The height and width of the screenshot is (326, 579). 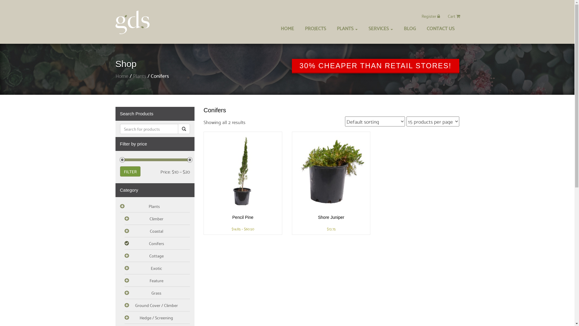 I want to click on 'Register', so click(x=430, y=16).